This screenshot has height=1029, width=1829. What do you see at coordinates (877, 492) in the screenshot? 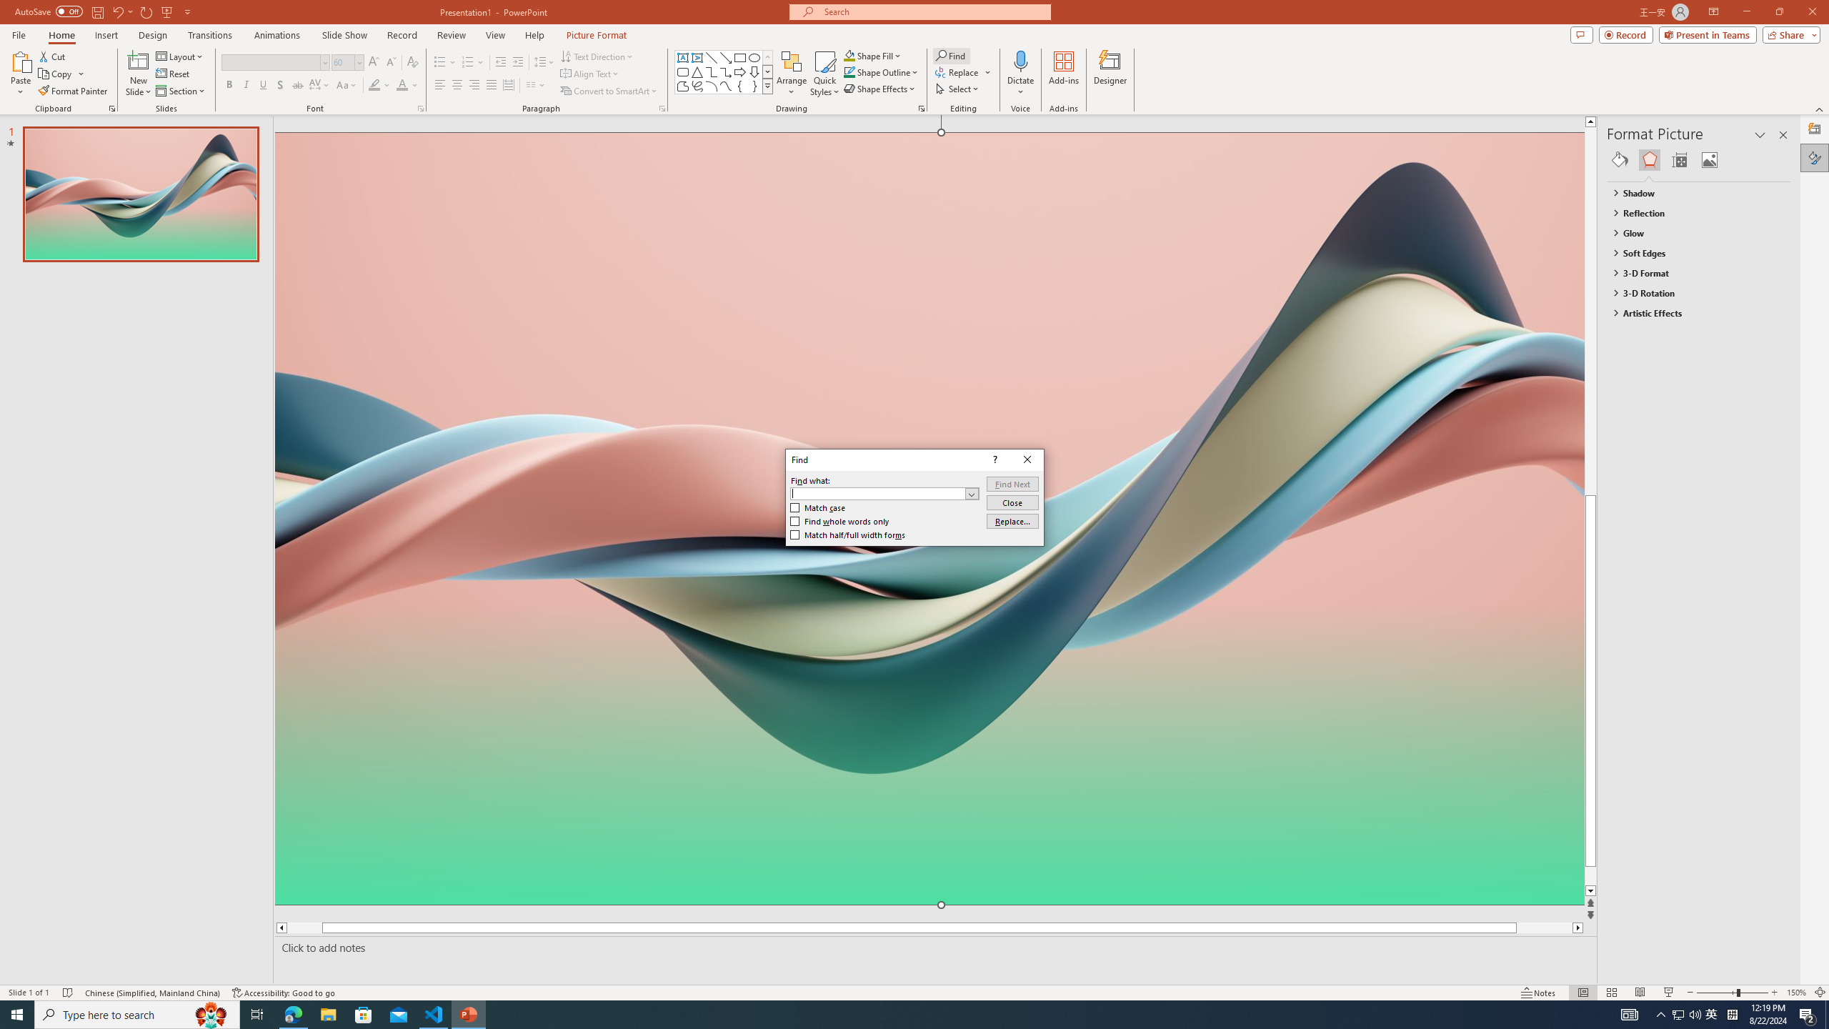
I see `'Find what'` at bounding box center [877, 492].